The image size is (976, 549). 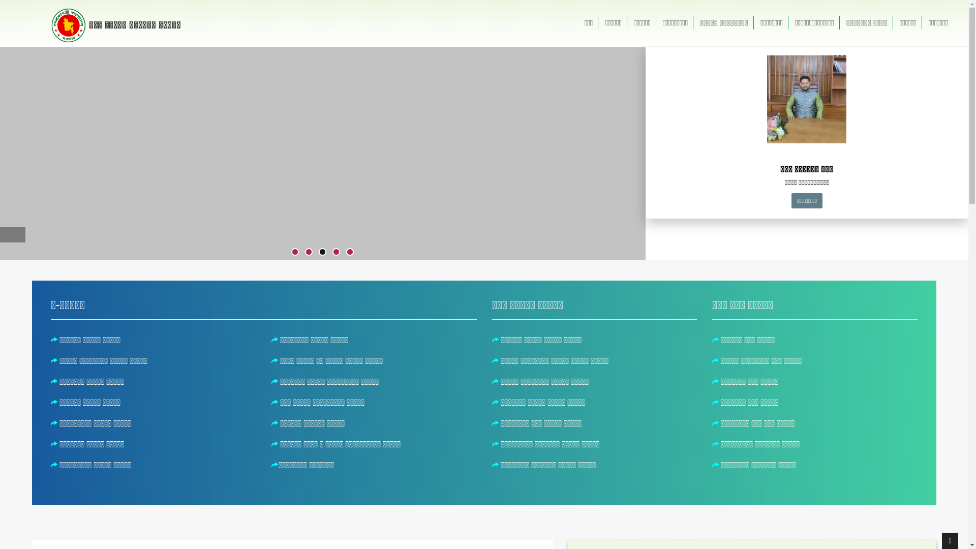 I want to click on '4', so click(x=336, y=252).